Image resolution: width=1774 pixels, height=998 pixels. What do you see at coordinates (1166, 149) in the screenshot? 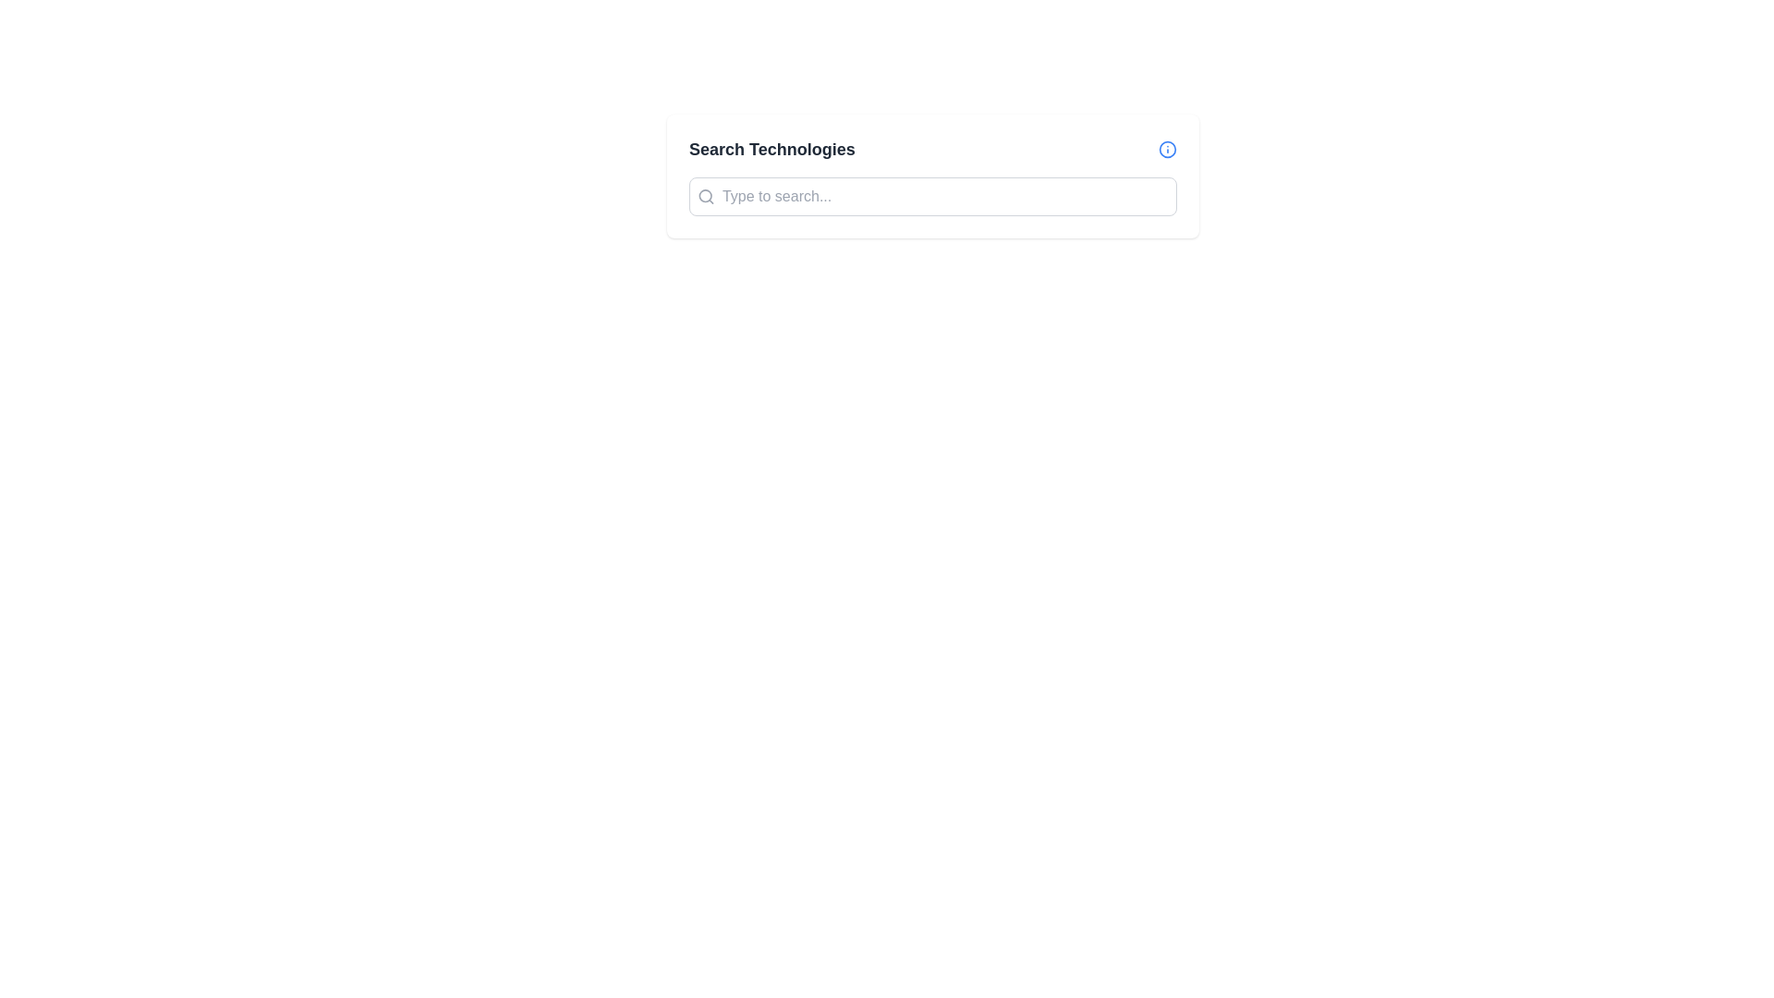
I see `SVG vector graphic element representing the information icon, which is located to the right and slightly above a search input box` at bounding box center [1166, 149].